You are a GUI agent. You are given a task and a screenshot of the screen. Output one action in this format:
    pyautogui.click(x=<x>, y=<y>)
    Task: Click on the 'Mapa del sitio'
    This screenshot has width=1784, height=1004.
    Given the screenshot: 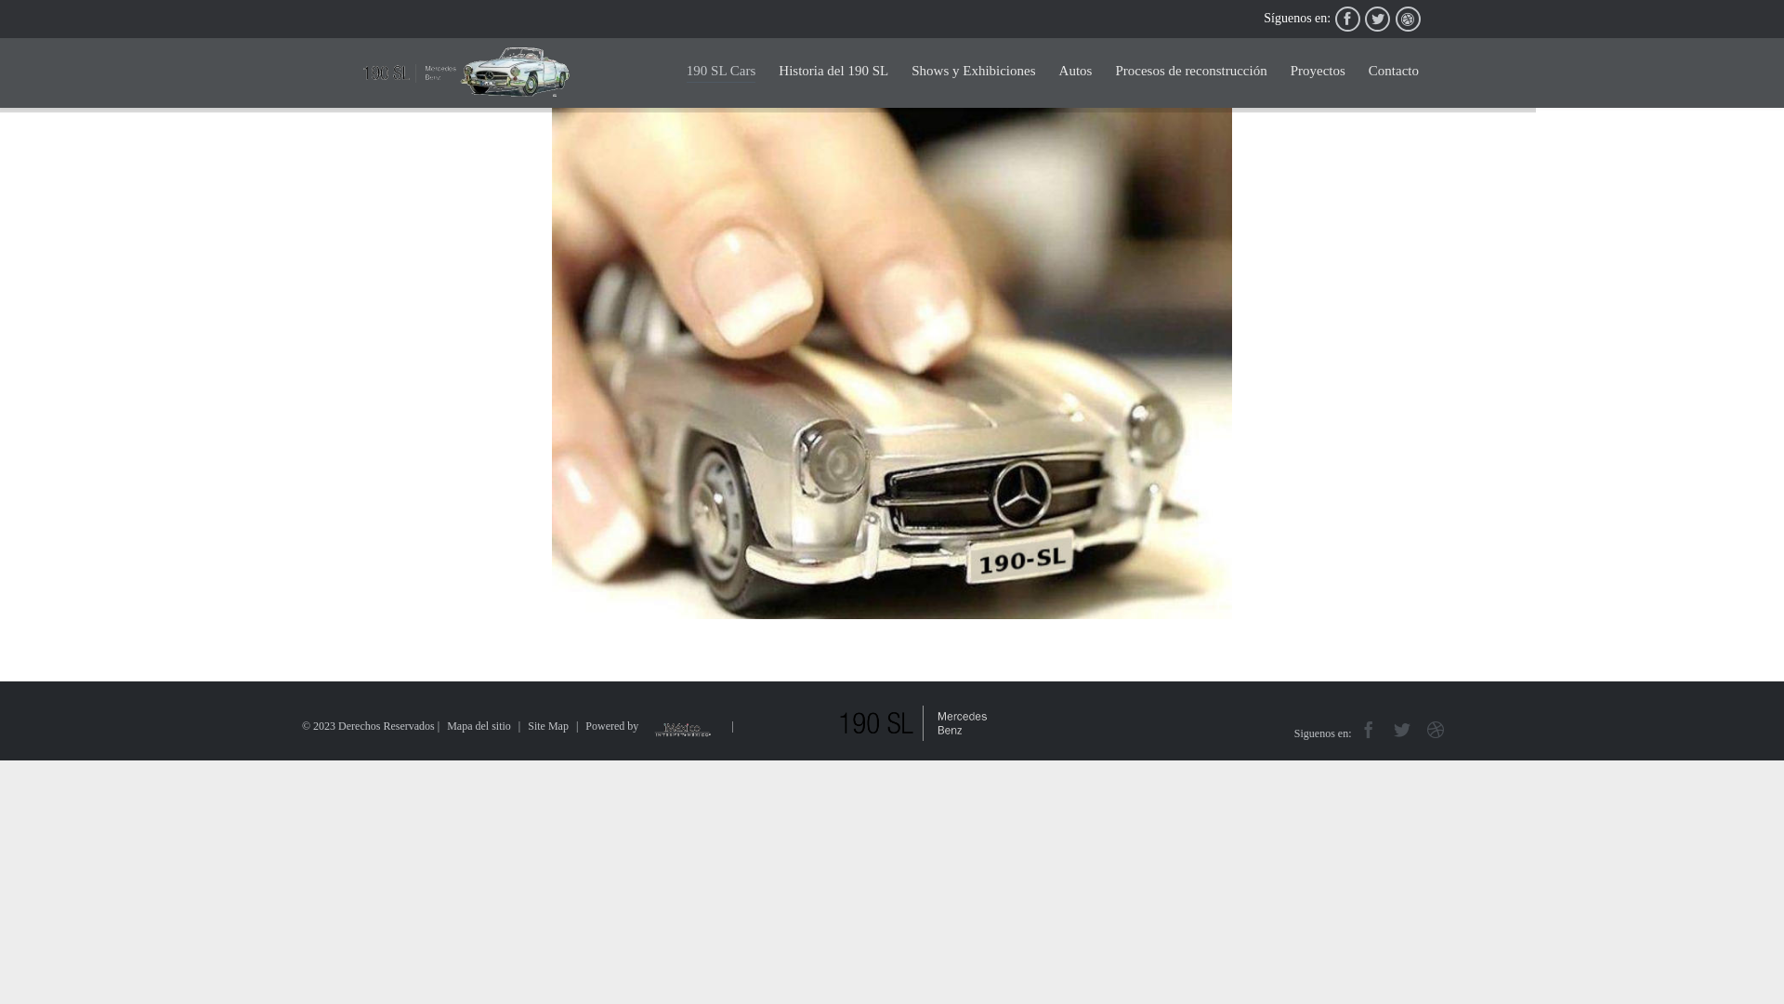 What is the action you would take?
    pyautogui.click(x=479, y=724)
    